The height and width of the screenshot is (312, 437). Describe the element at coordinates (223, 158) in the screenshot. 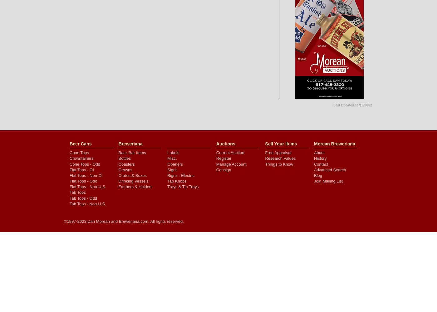

I see `'Register'` at that location.